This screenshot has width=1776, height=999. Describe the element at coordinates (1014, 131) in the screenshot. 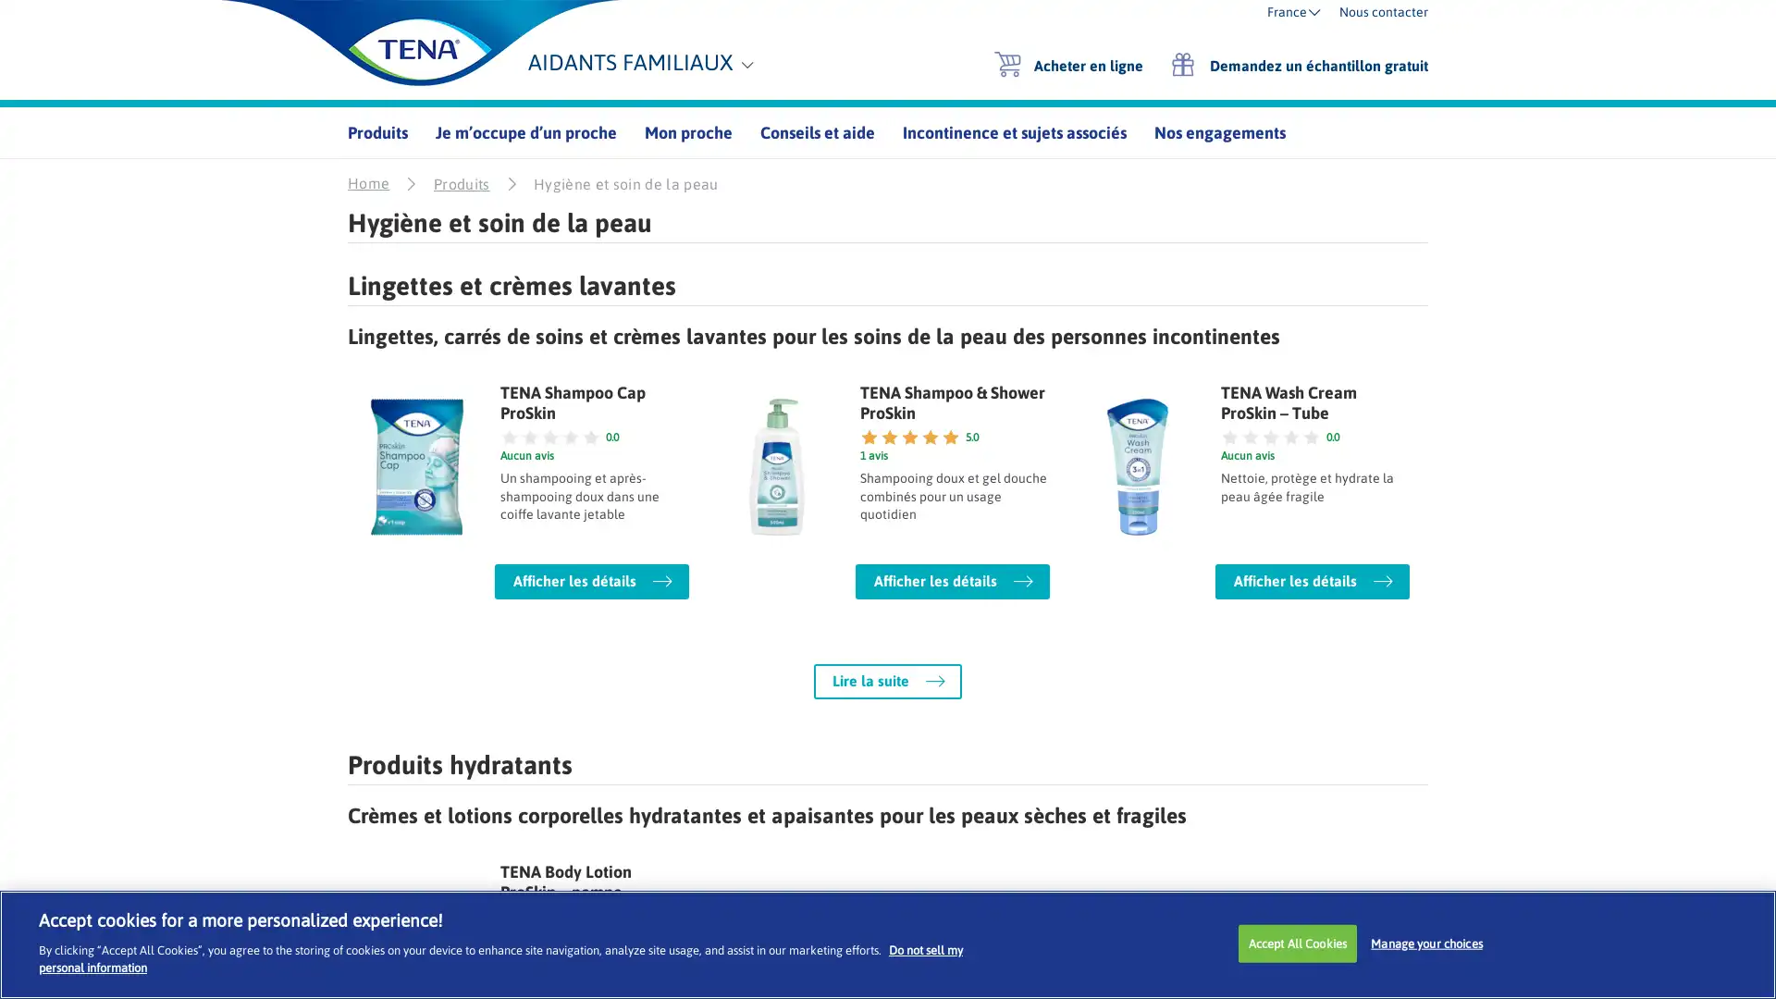

I see `Incontinence et sujets associes` at that location.